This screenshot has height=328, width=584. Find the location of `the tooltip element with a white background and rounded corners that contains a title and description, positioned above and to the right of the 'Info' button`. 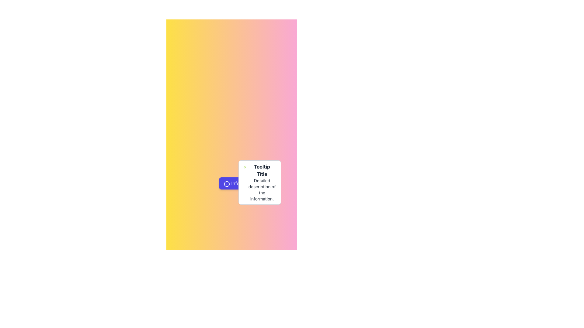

the tooltip element with a white background and rounded corners that contains a title and description, positioned above and to the right of the 'Info' button is located at coordinates (260, 182).